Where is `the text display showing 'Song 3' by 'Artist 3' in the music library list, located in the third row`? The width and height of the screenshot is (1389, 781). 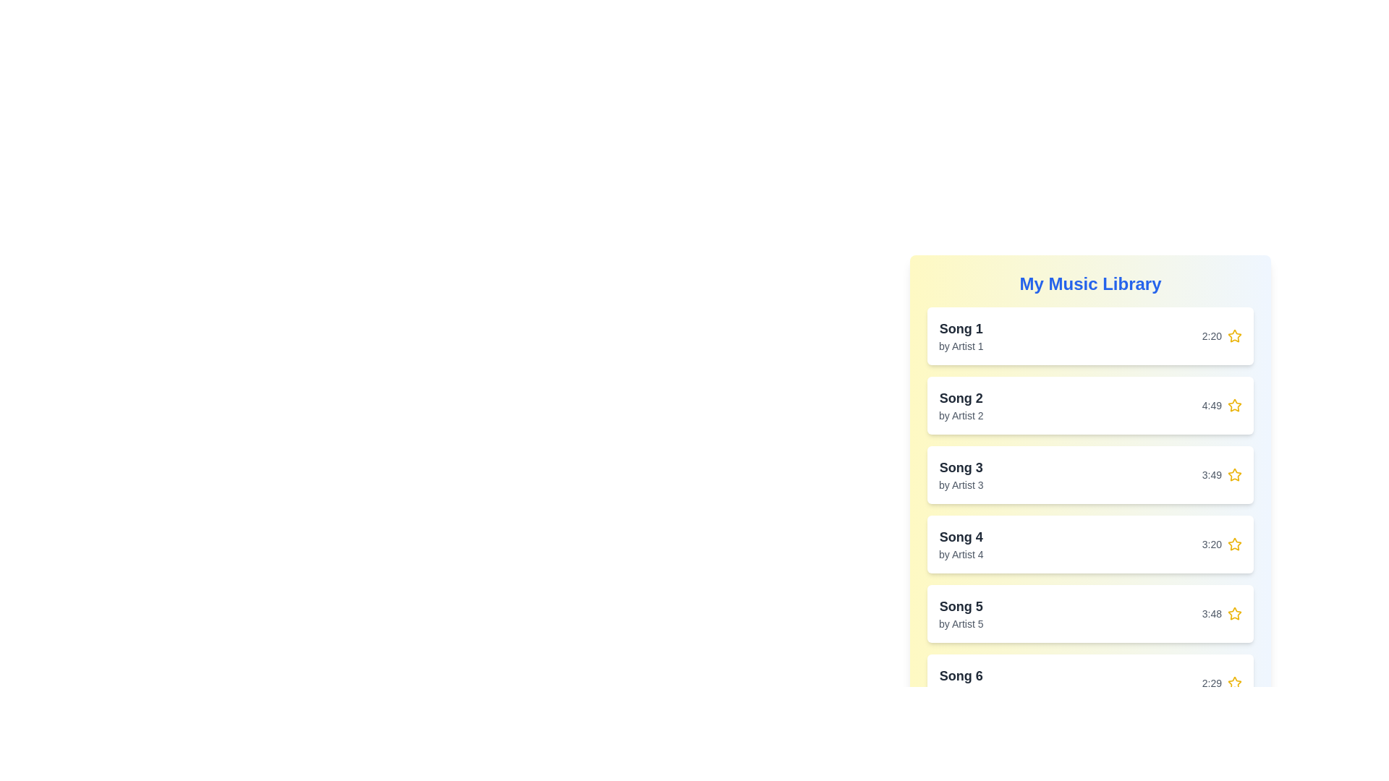 the text display showing 'Song 3' by 'Artist 3' in the music library list, located in the third row is located at coordinates (961, 474).